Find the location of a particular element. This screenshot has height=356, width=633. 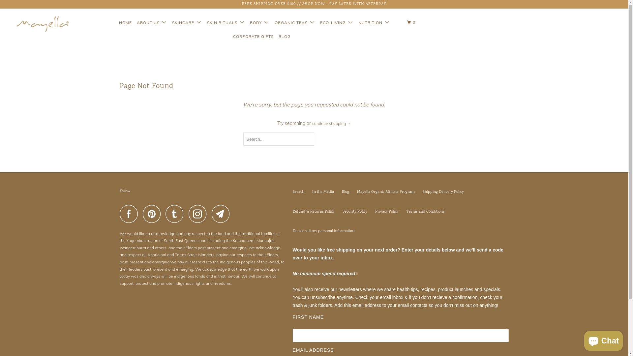

'Blog' is located at coordinates (345, 192).